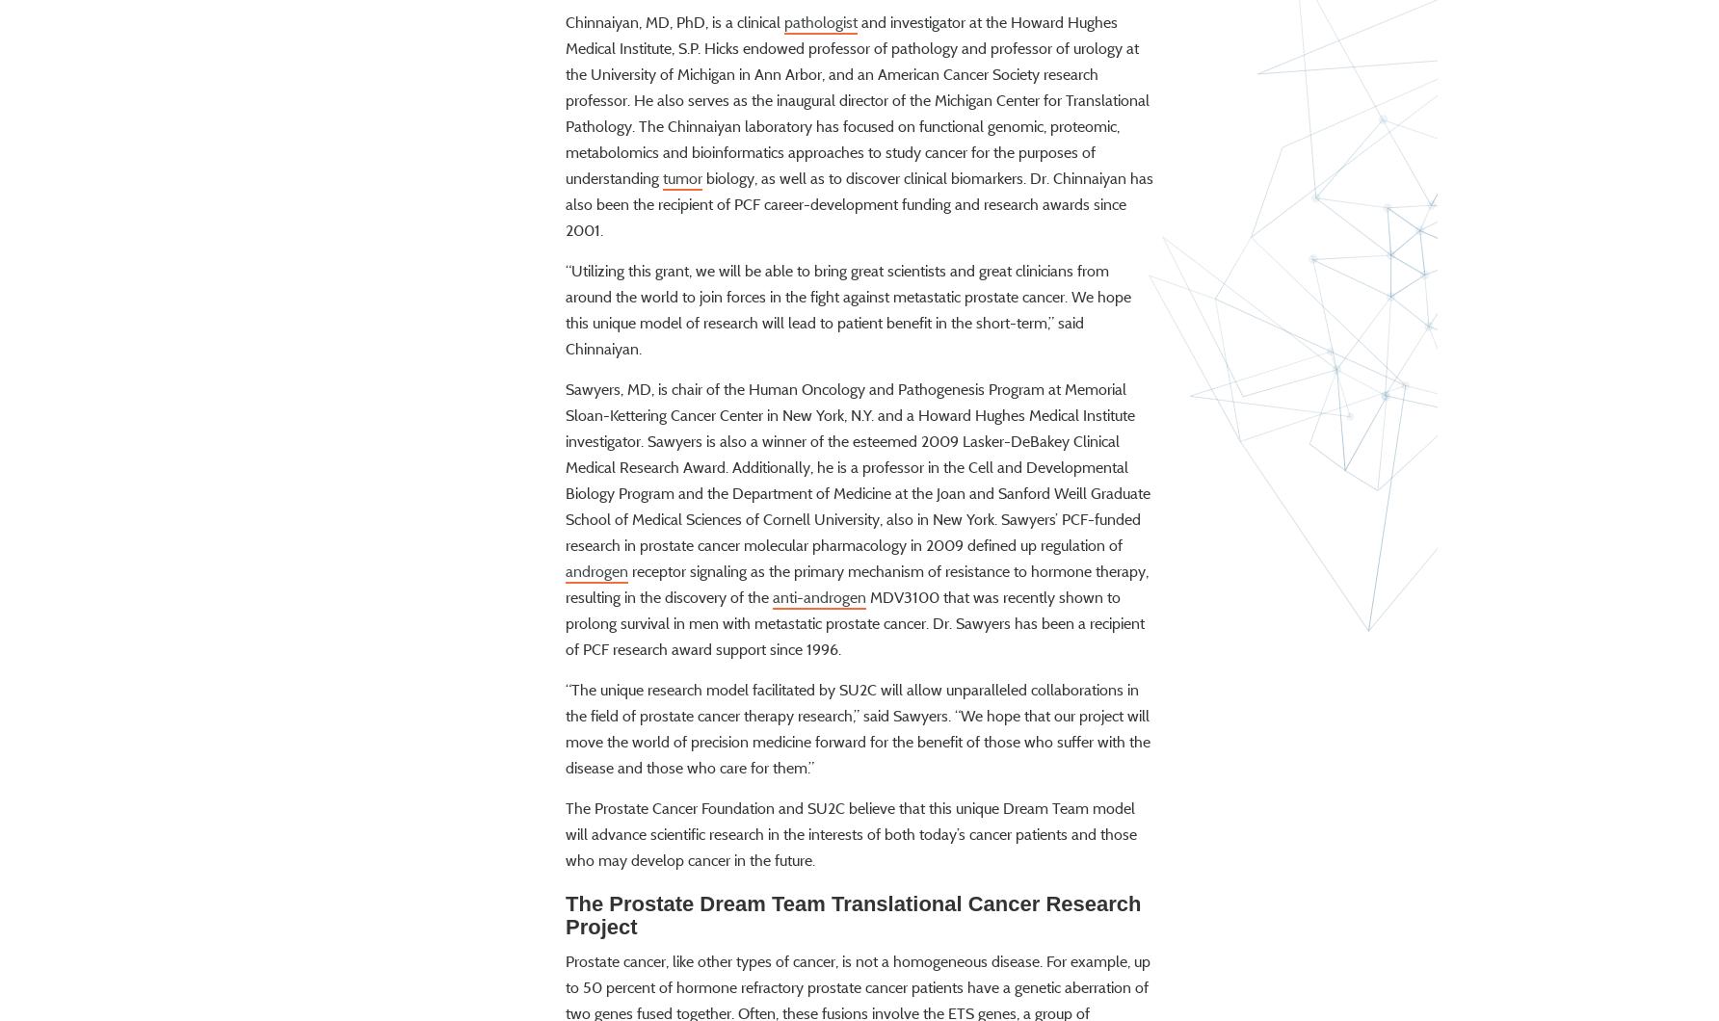 This screenshot has width=1719, height=1021. Describe the element at coordinates (856, 638) in the screenshot. I see `'receptor signaling as the primary mechanism of resistance to hormone therapy, resulting in the discovery of the'` at that location.